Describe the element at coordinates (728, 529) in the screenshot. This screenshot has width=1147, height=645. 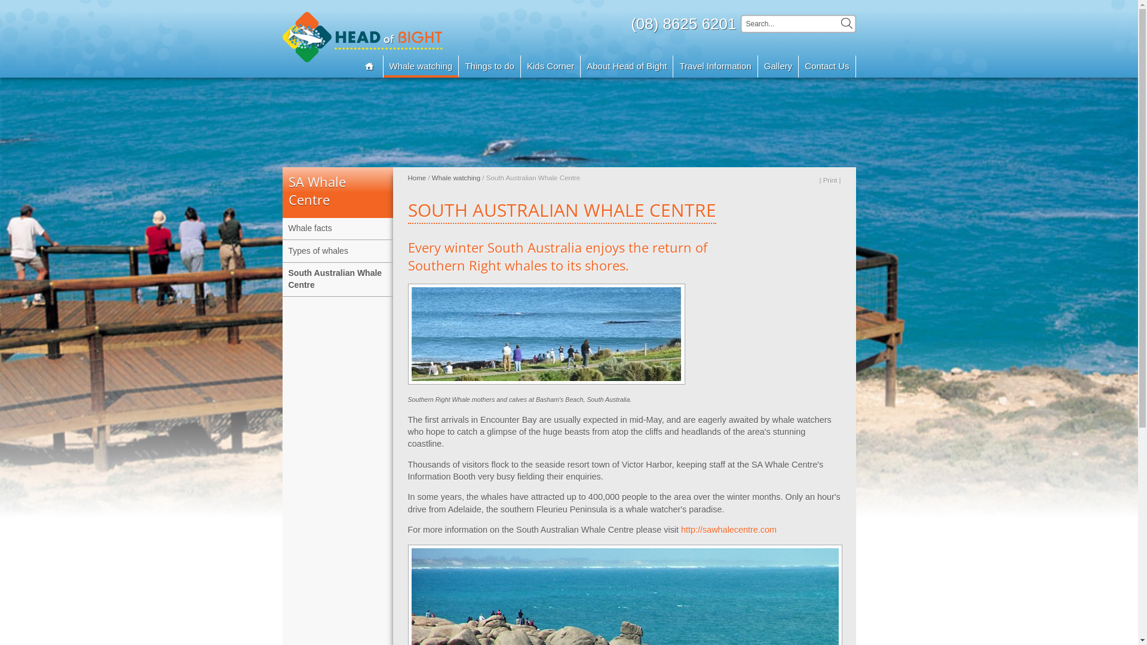
I see `'http://sawhalecentre.com'` at that location.